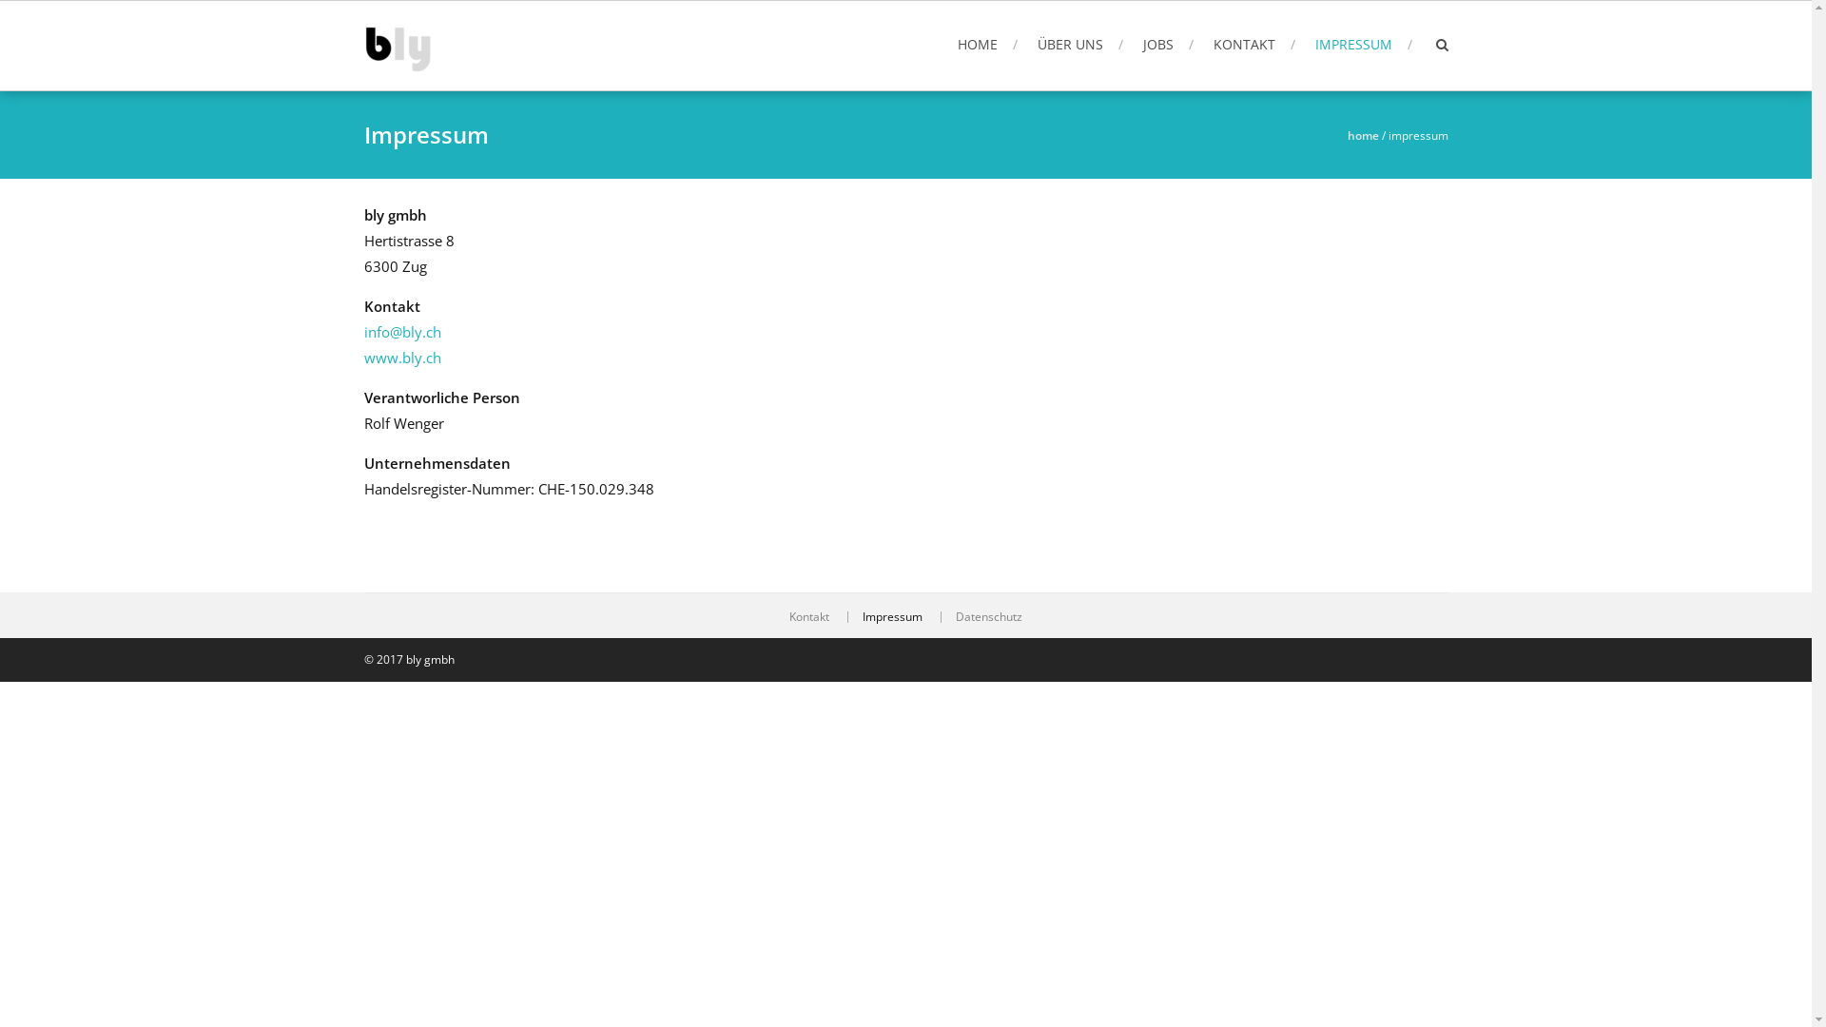  What do you see at coordinates (363, 357) in the screenshot?
I see `'www.bly.ch'` at bounding box center [363, 357].